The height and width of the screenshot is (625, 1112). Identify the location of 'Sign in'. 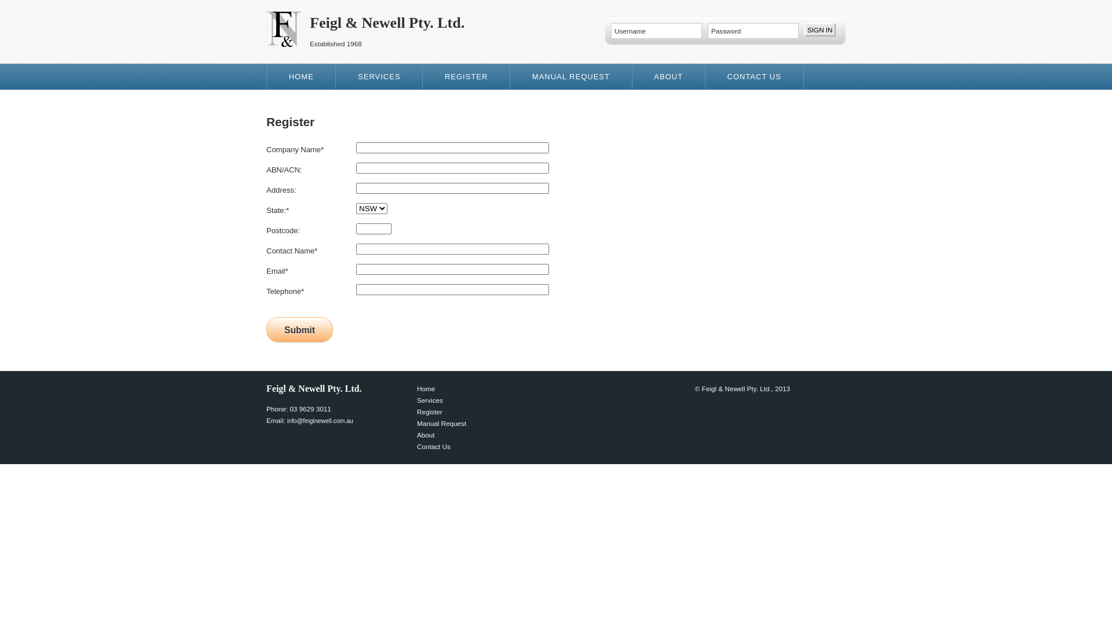
(803, 29).